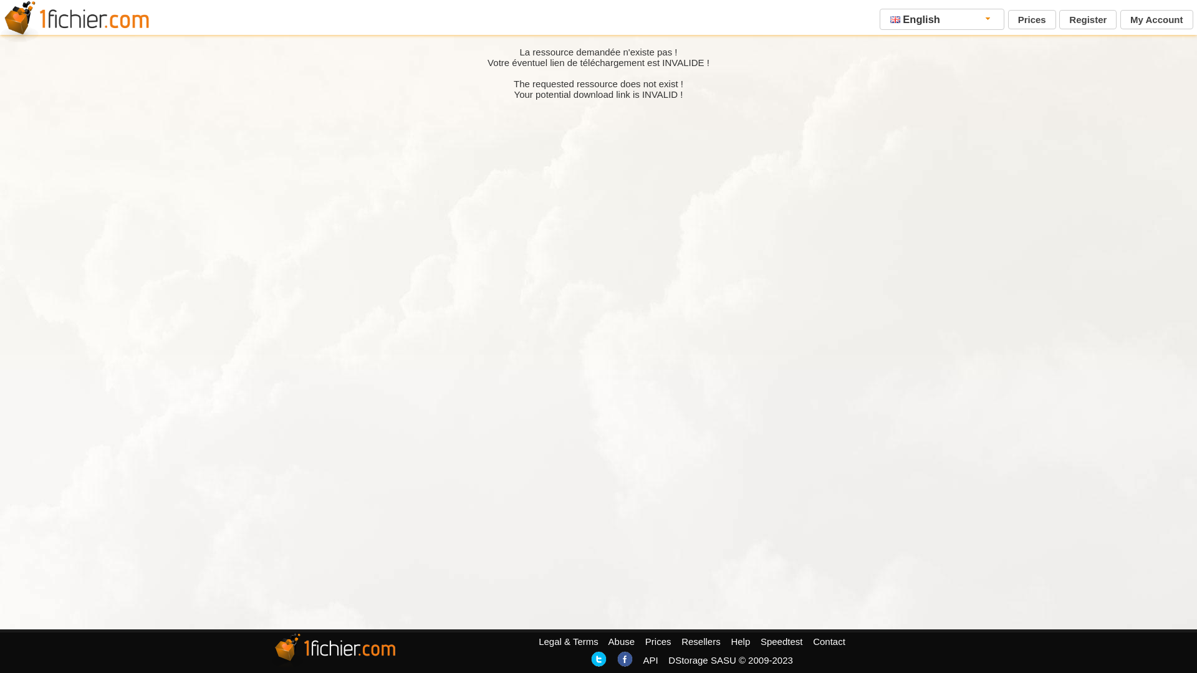 Image resolution: width=1197 pixels, height=673 pixels. What do you see at coordinates (730, 641) in the screenshot?
I see `'Help'` at bounding box center [730, 641].